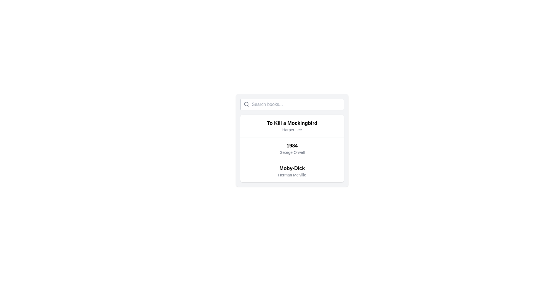 The width and height of the screenshot is (536, 301). Describe the element at coordinates (292, 171) in the screenshot. I see `the list item displaying 'Moby-Dick' by Herman Melville, which is the third item in the vertical list with a white background and rounded corners` at that location.